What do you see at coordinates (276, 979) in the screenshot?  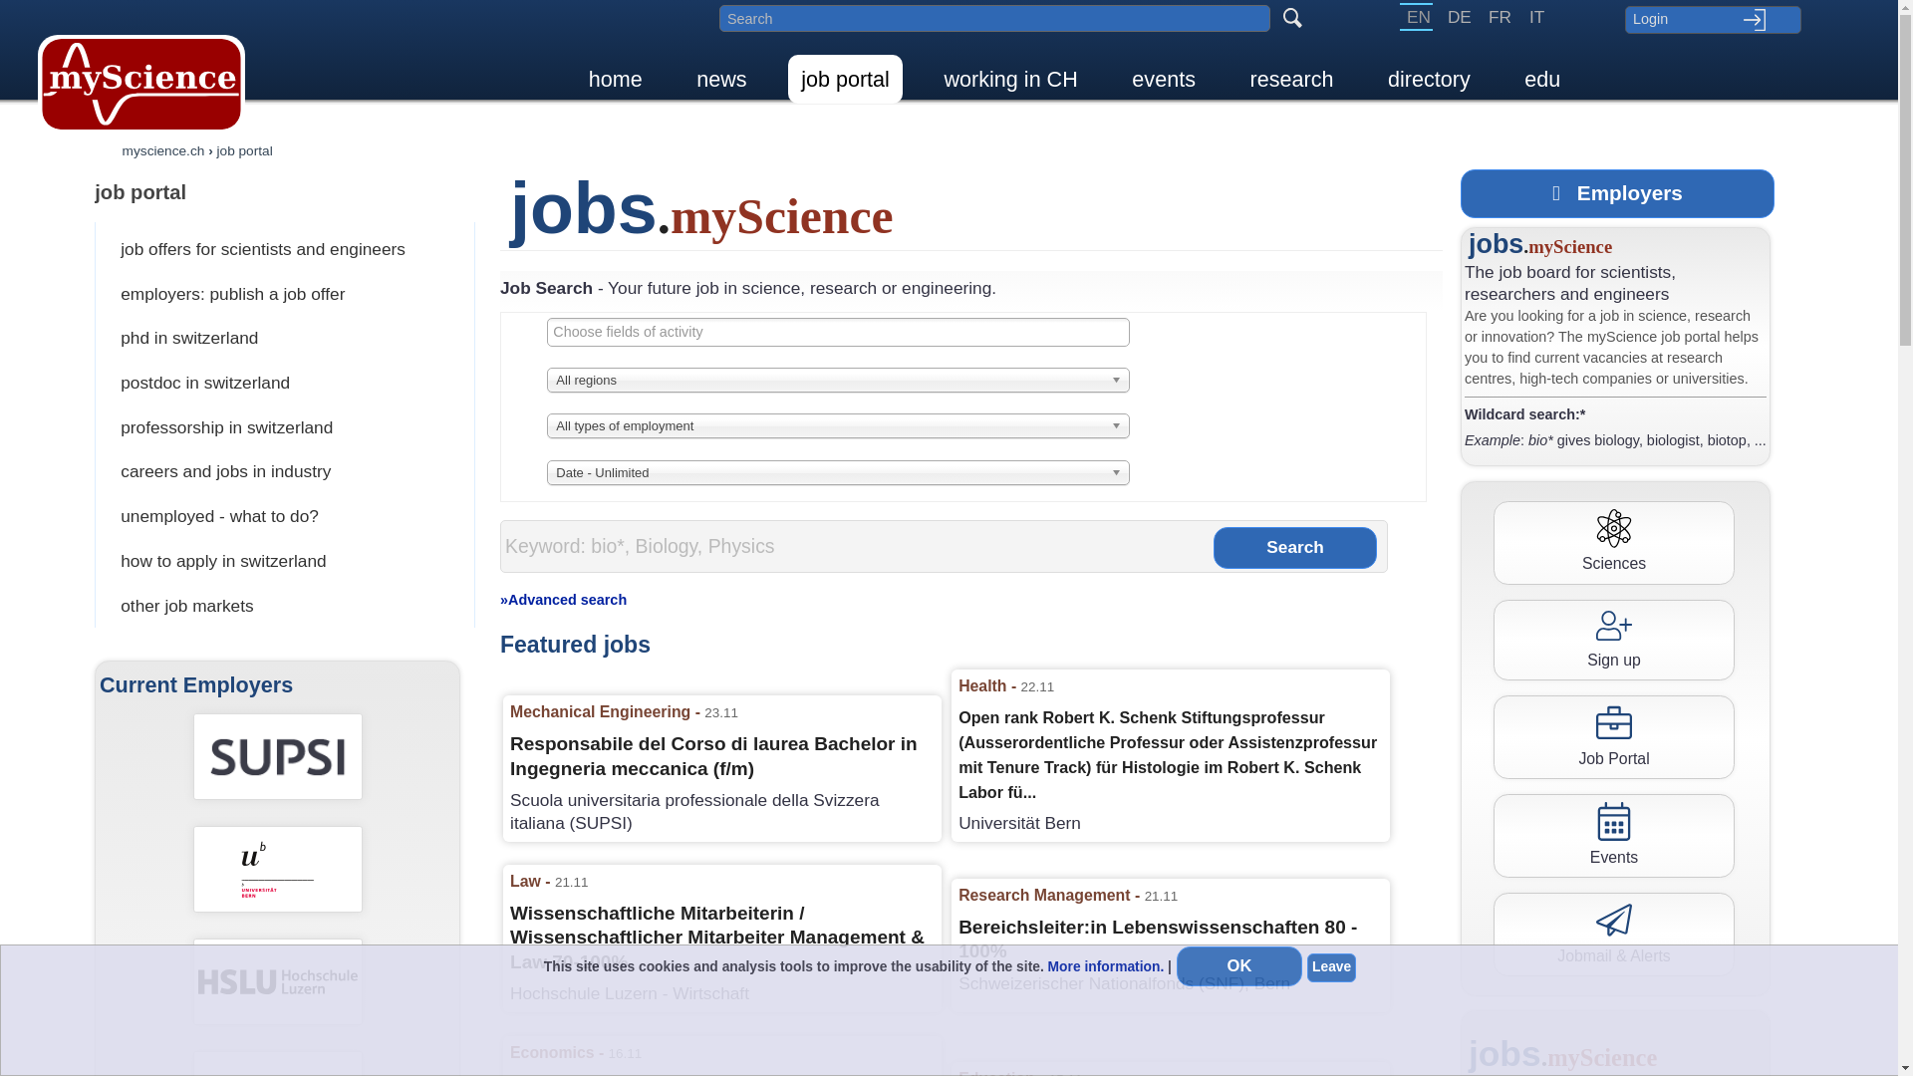 I see `'Hochschule Luzern - Wirtschaft'` at bounding box center [276, 979].